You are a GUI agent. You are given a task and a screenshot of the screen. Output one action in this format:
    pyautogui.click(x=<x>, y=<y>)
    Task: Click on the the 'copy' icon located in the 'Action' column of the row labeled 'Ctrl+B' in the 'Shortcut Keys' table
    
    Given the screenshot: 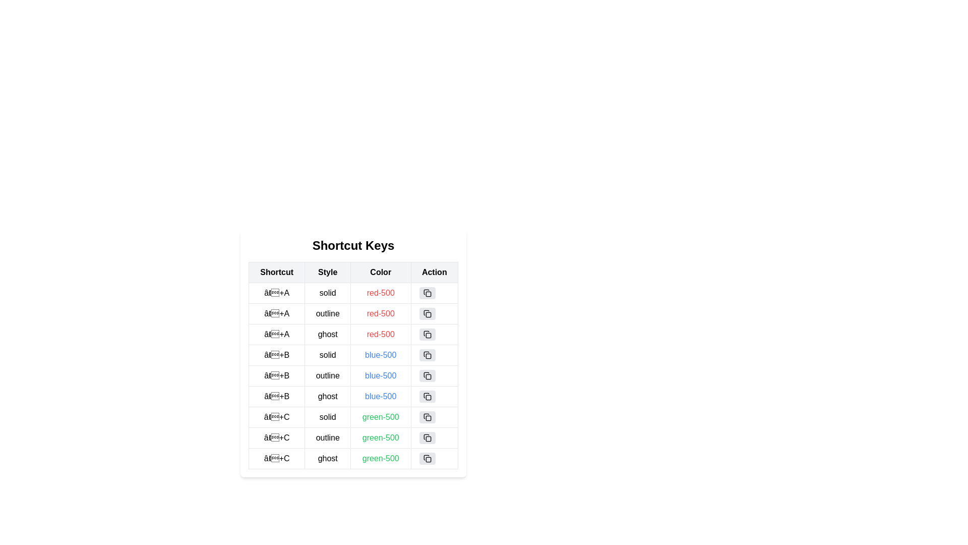 What is the action you would take?
    pyautogui.click(x=427, y=355)
    